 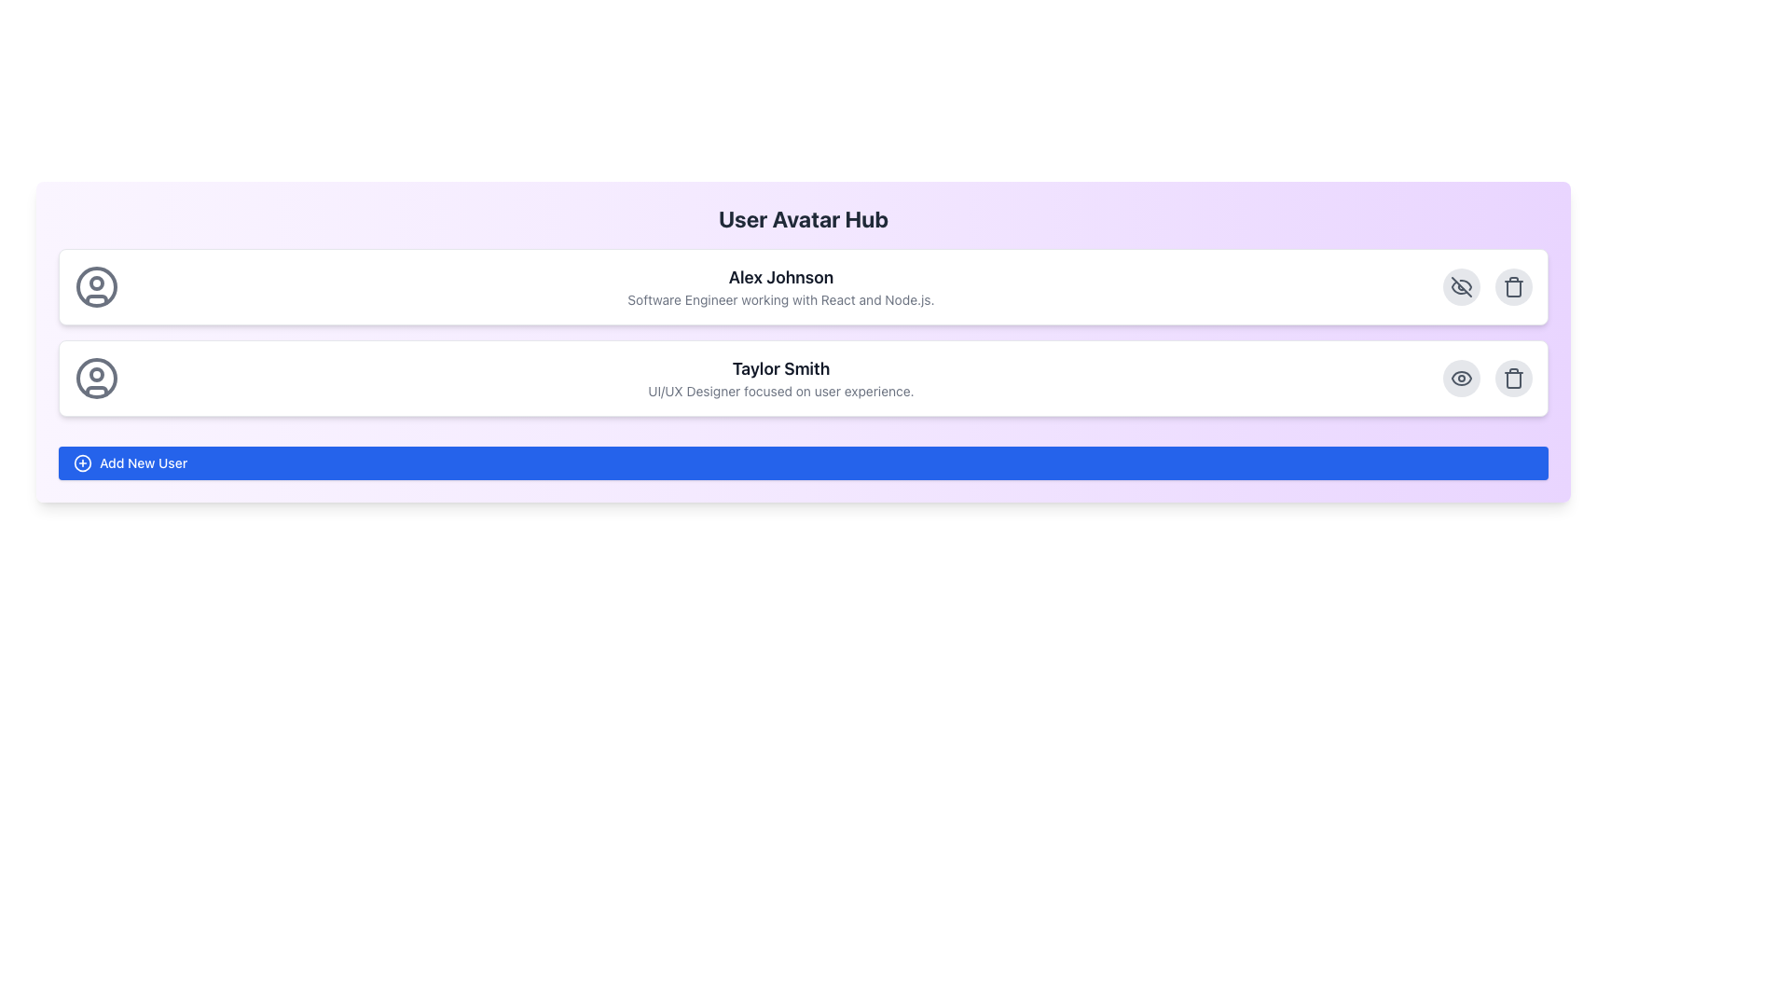 What do you see at coordinates (96, 283) in the screenshot?
I see `the graphical icon component located at the center-top of the avatar icon for the user 'Alex Johnson'` at bounding box center [96, 283].